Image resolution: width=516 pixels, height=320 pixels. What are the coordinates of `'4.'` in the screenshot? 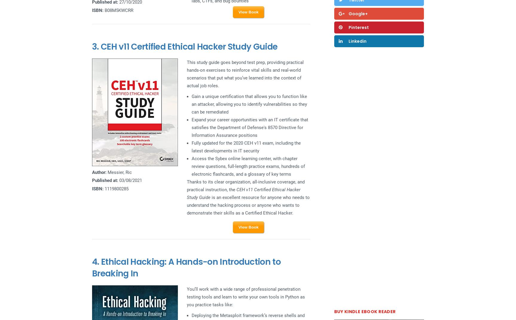 It's located at (96, 262).